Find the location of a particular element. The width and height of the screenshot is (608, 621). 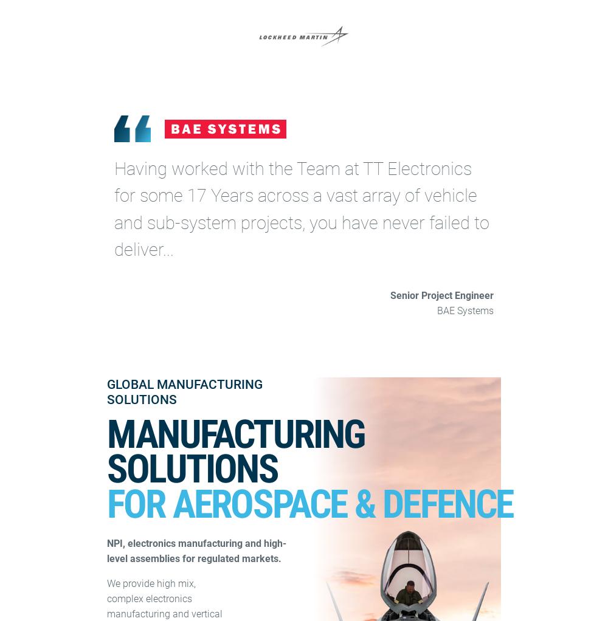

'Privacy & Cookie Policy' is located at coordinates (345, 411).